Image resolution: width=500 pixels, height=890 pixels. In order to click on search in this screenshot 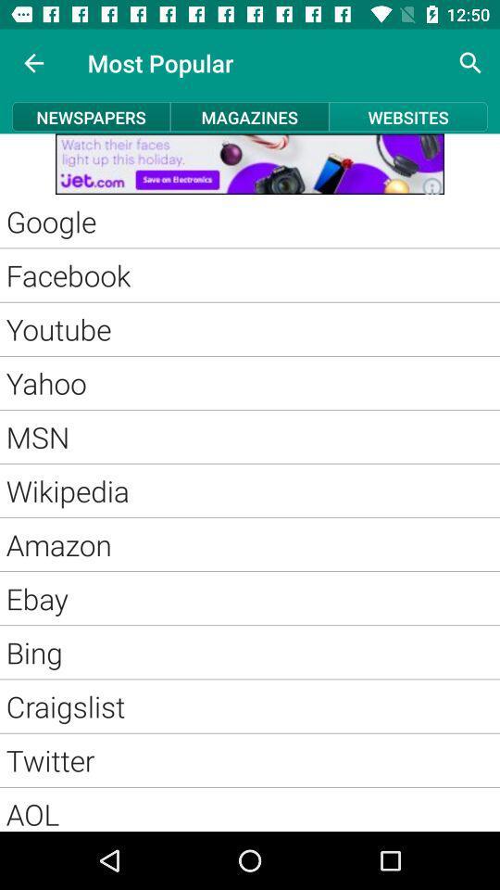, I will do `click(470, 63)`.